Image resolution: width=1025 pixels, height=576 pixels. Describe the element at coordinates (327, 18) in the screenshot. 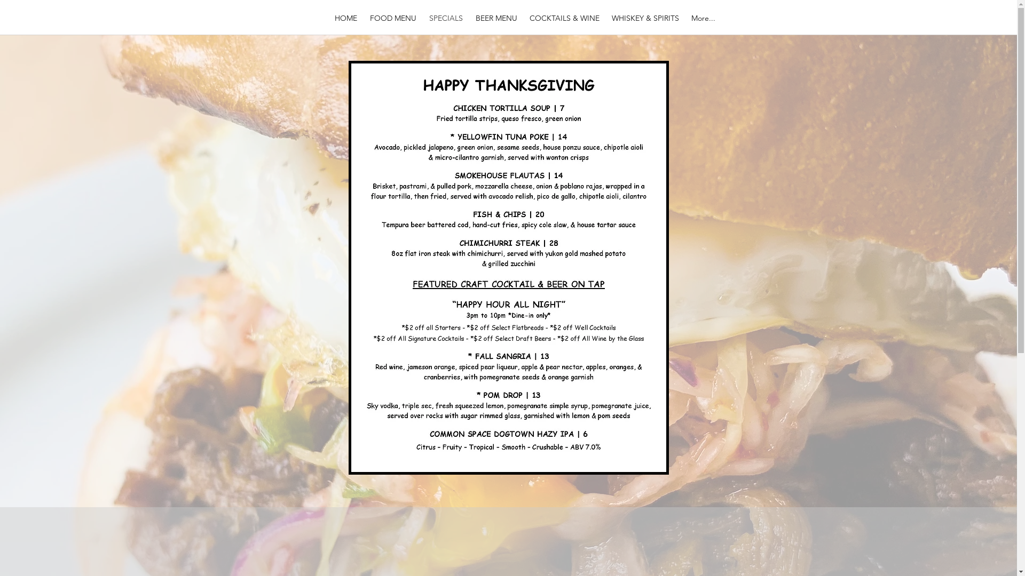

I see `'HOME'` at that location.